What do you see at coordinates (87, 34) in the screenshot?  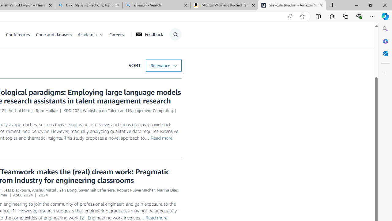 I see `'Academia'` at bounding box center [87, 34].